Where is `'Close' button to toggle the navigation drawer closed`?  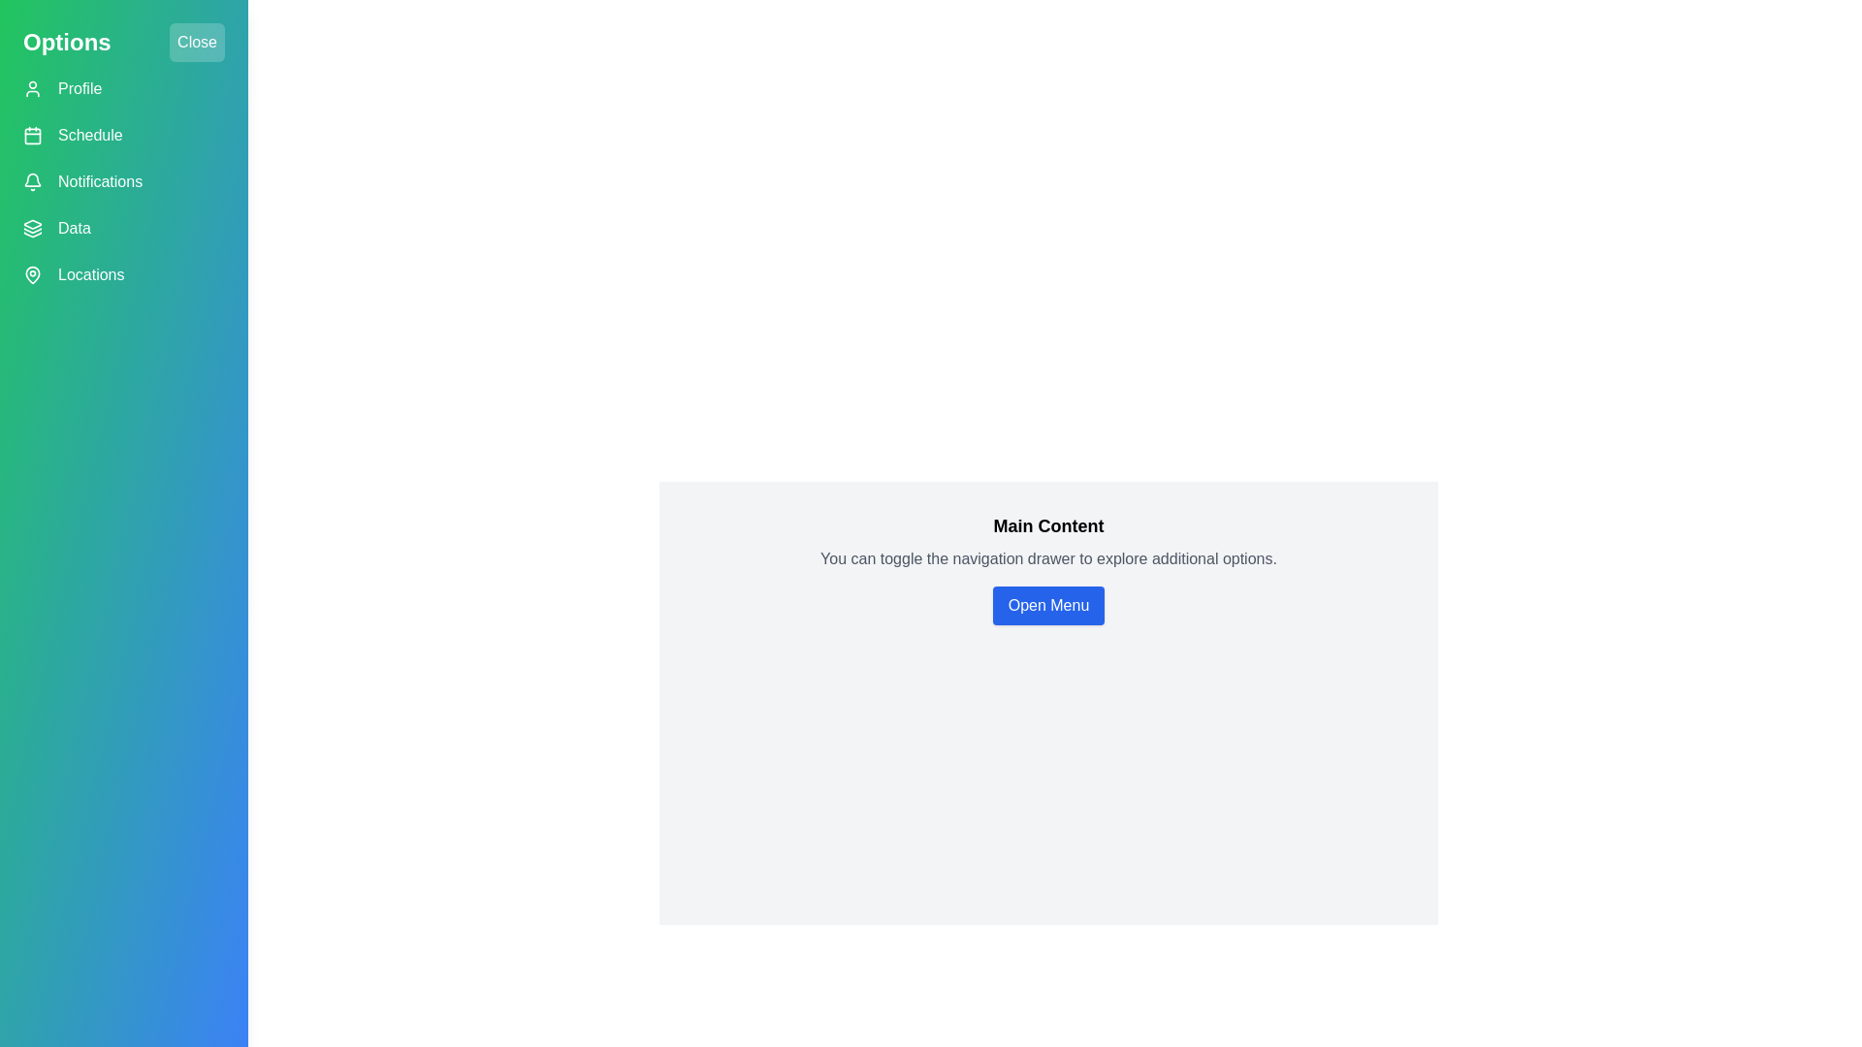 'Close' button to toggle the navigation drawer closed is located at coordinates (197, 42).